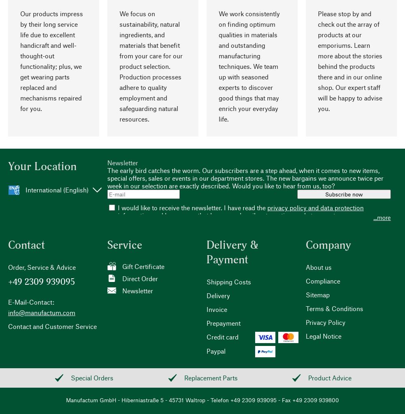 Image resolution: width=405 pixels, height=414 pixels. I want to click on 'privacy policy and data protection information', so click(118, 211).